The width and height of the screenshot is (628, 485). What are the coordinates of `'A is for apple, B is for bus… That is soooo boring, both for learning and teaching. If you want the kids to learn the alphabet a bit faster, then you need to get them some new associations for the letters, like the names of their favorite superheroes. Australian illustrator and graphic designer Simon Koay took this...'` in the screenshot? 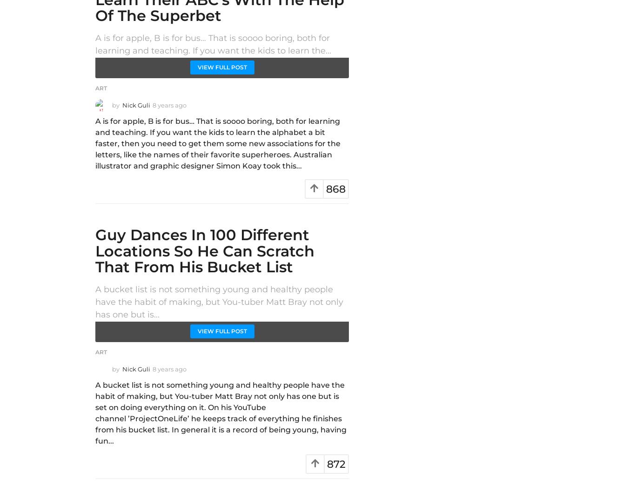 It's located at (95, 143).